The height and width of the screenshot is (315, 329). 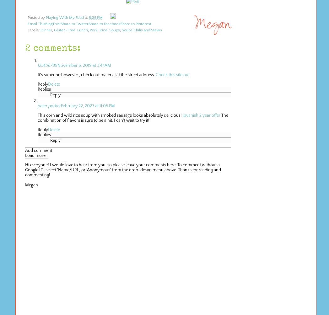 What do you see at coordinates (37, 115) in the screenshot?
I see `'This corn and wild rice soup with smoked sausage looks absolutely delicious!'` at bounding box center [37, 115].